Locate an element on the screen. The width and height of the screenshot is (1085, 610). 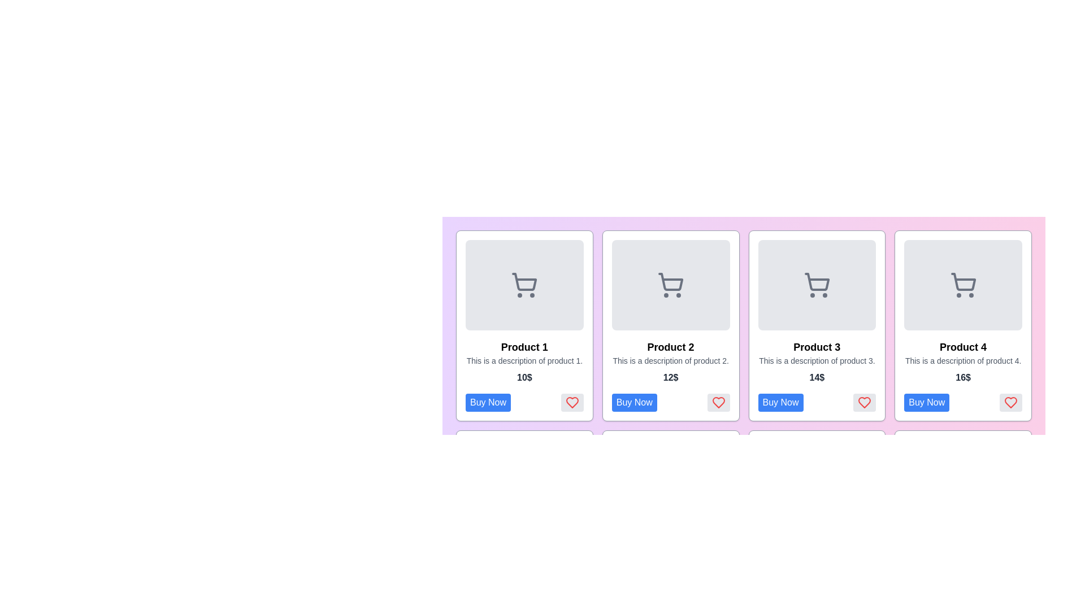
the shopping cart icon located in the fourth product card of the e-commerce product listings, positioned above the product name 'Product 4' is located at coordinates (962, 281).